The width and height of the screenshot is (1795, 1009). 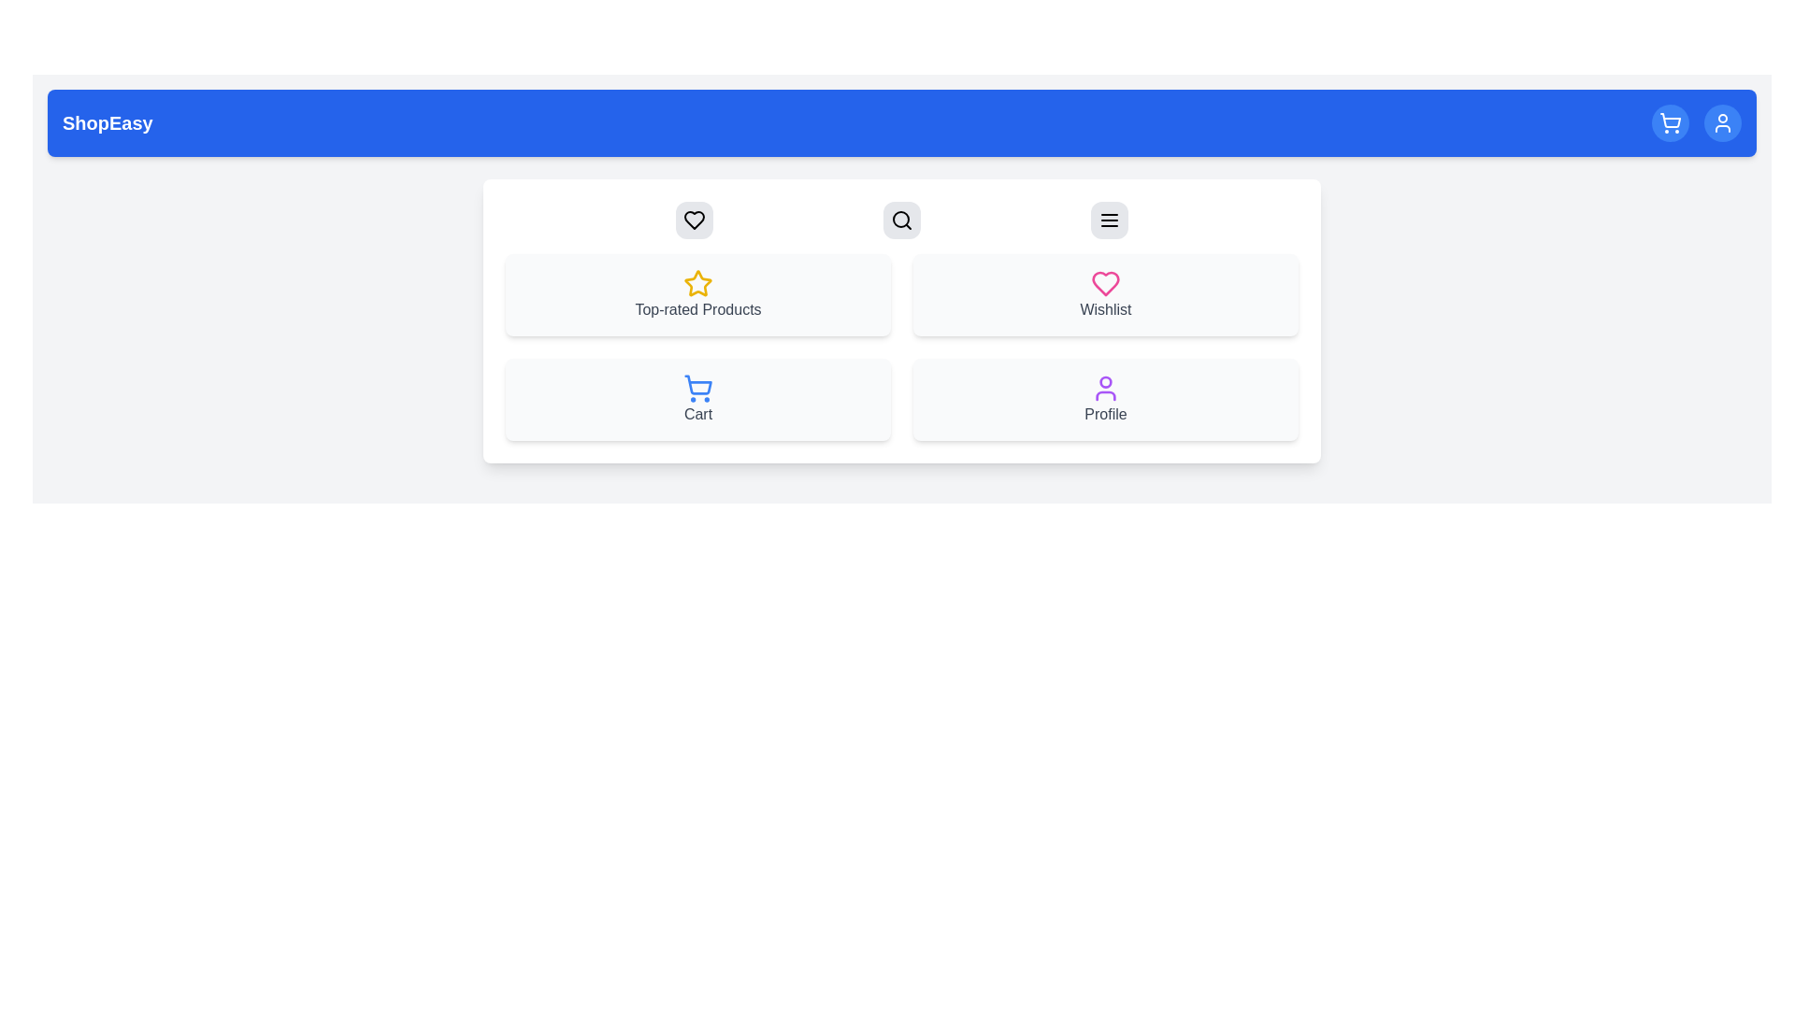 I want to click on the user profile icon, which is visually styled with a purple color and consists of a circular head and rounded body shape, located above the 'Profile' text, so click(x=1105, y=388).